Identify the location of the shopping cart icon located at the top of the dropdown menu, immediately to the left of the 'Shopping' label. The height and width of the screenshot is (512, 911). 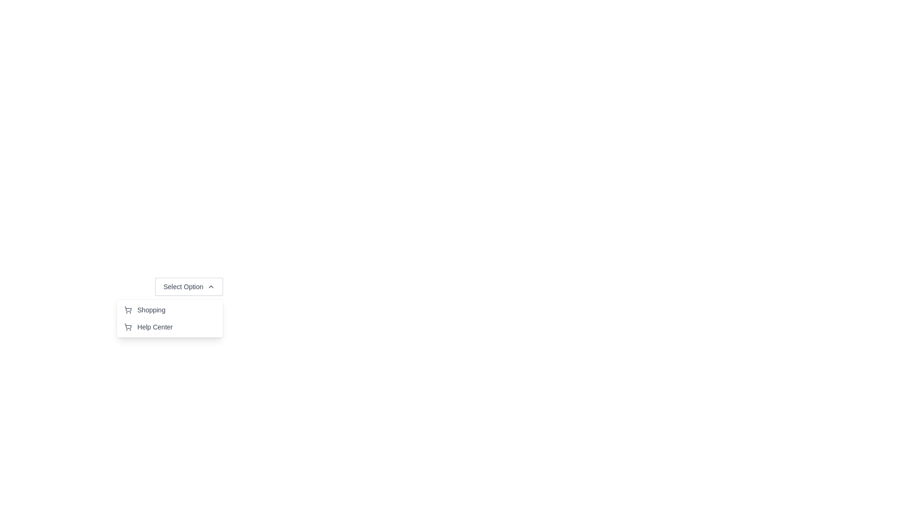
(127, 310).